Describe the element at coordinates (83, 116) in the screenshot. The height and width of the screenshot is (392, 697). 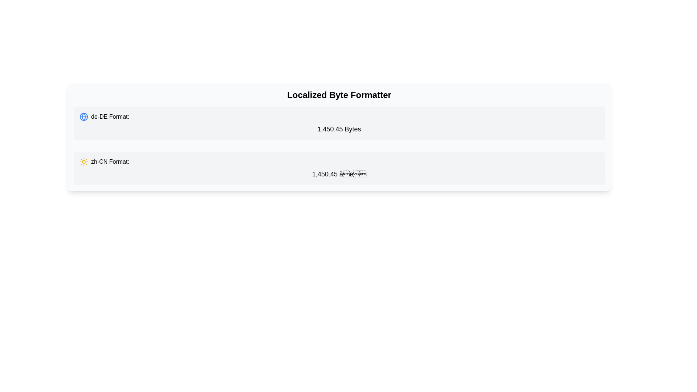
I see `the blue globe icon that is positioned to the left of the text 'de-DE Format'` at that location.